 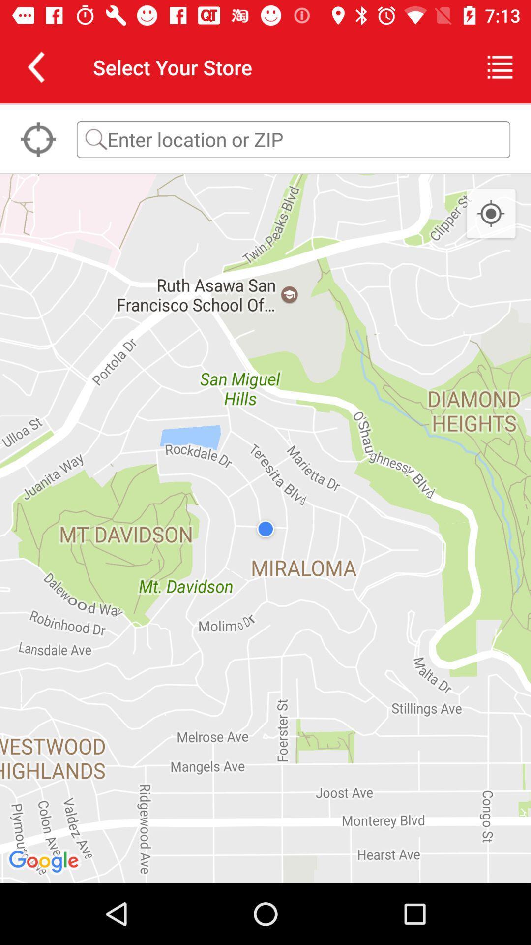 I want to click on the icon next to the select your store icon, so click(x=500, y=66).